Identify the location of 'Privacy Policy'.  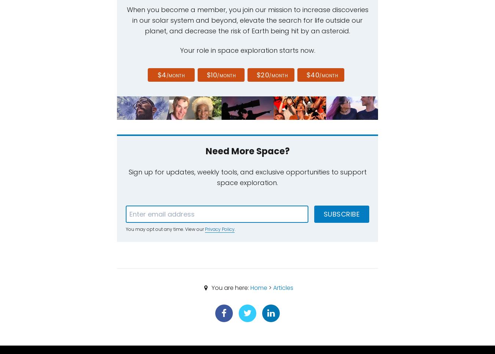
(220, 229).